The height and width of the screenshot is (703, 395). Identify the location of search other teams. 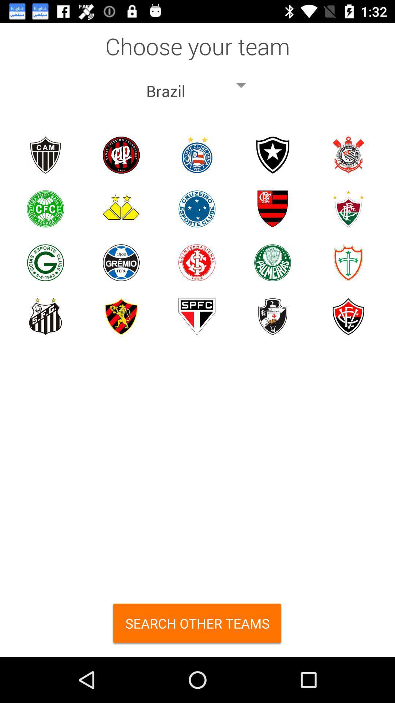
(197, 625).